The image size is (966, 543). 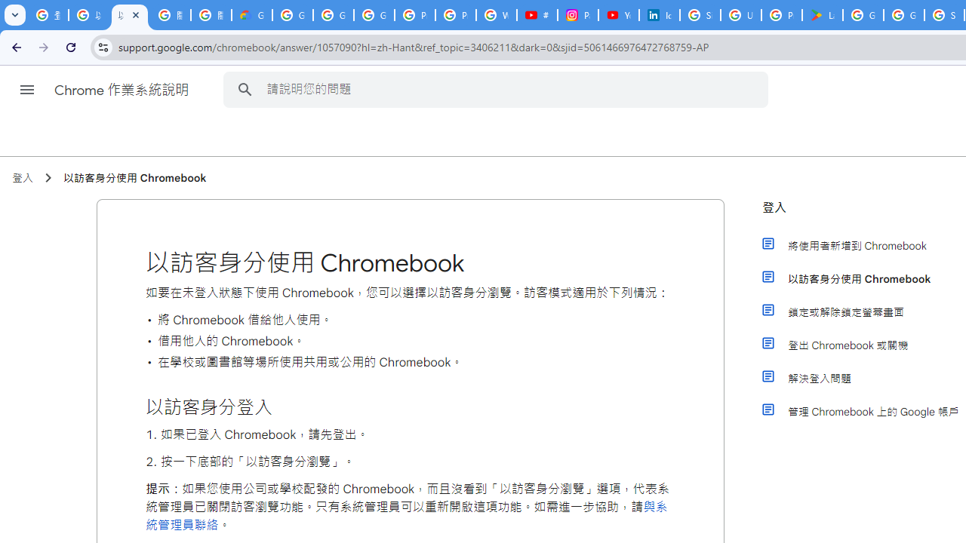 What do you see at coordinates (102, 46) in the screenshot?
I see `'View site information'` at bounding box center [102, 46].